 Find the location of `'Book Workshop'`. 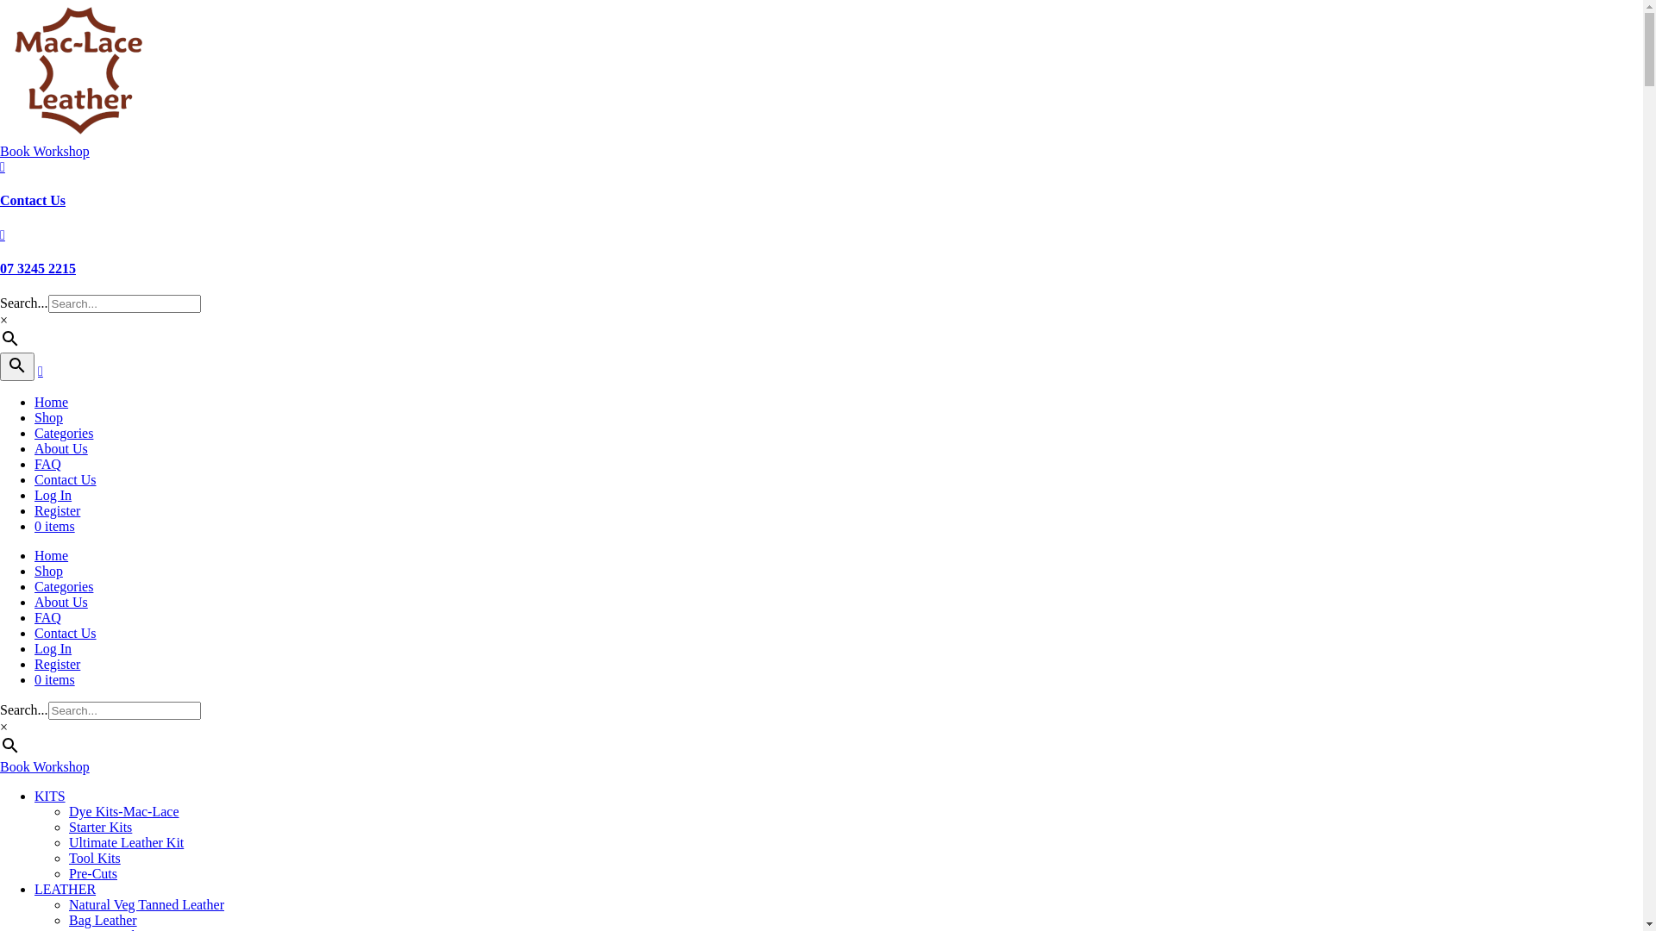

'Book Workshop' is located at coordinates (45, 765).